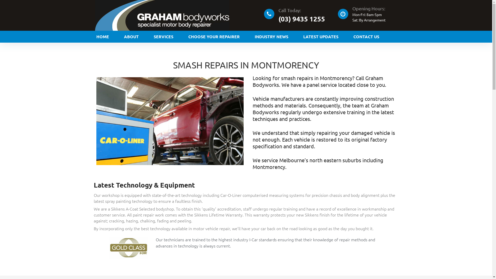  What do you see at coordinates (301, 18) in the screenshot?
I see `'(03) 9435 1255'` at bounding box center [301, 18].